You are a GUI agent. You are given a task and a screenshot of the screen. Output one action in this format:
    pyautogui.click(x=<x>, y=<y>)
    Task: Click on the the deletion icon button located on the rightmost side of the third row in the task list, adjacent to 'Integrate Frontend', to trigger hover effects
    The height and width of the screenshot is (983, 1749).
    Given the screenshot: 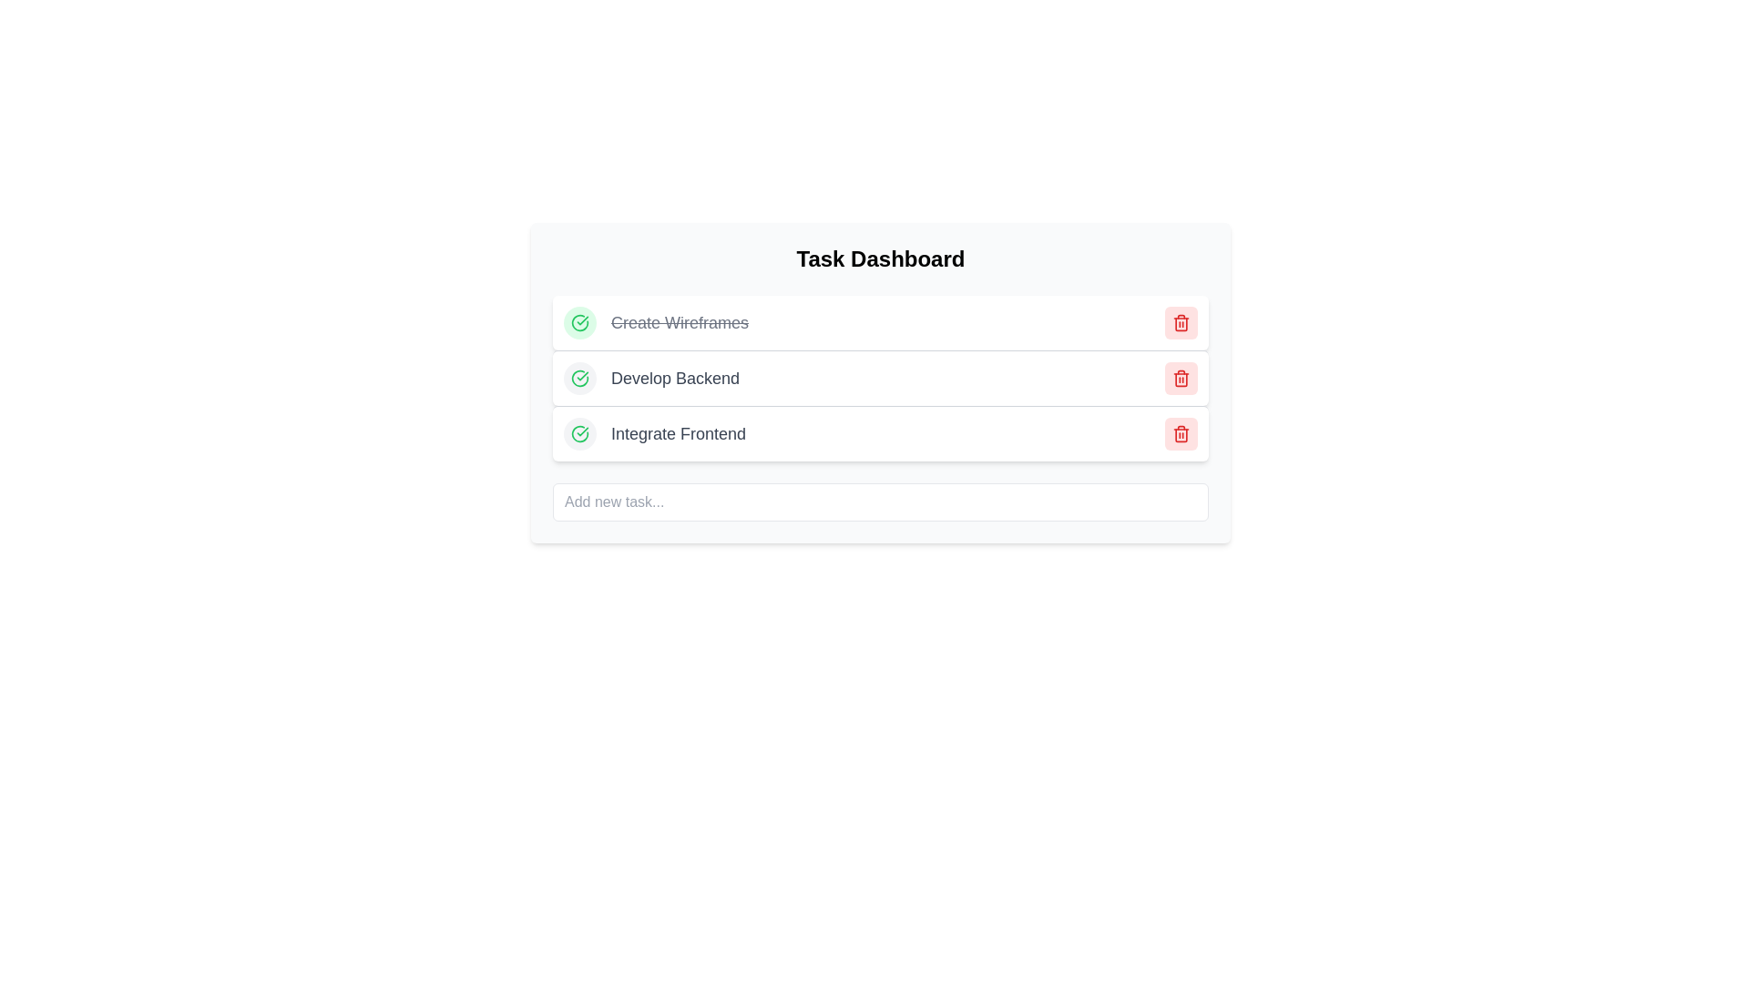 What is the action you would take?
    pyautogui.click(x=1181, y=434)
    